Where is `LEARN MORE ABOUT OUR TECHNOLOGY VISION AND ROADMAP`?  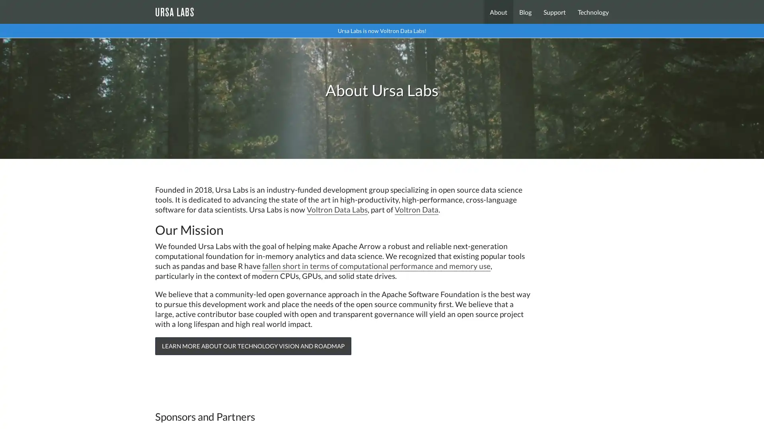
LEARN MORE ABOUT OUR TECHNOLOGY VISION AND ROADMAP is located at coordinates (253, 346).